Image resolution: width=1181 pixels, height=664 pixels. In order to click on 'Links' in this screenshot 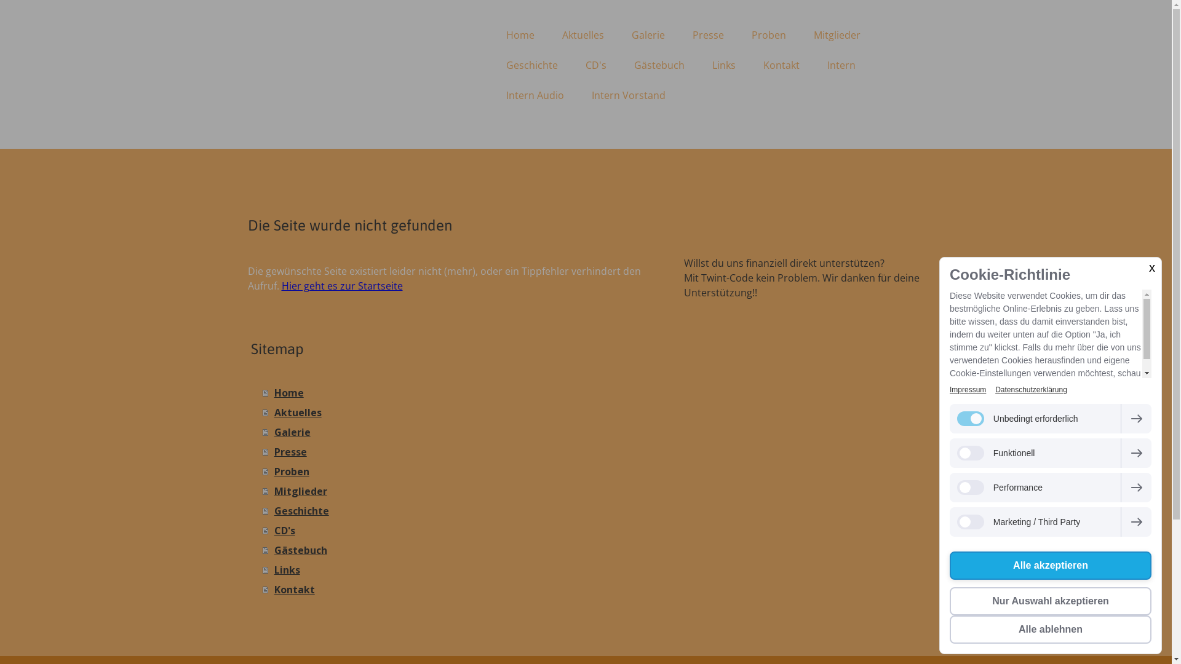, I will do `click(460, 569)`.